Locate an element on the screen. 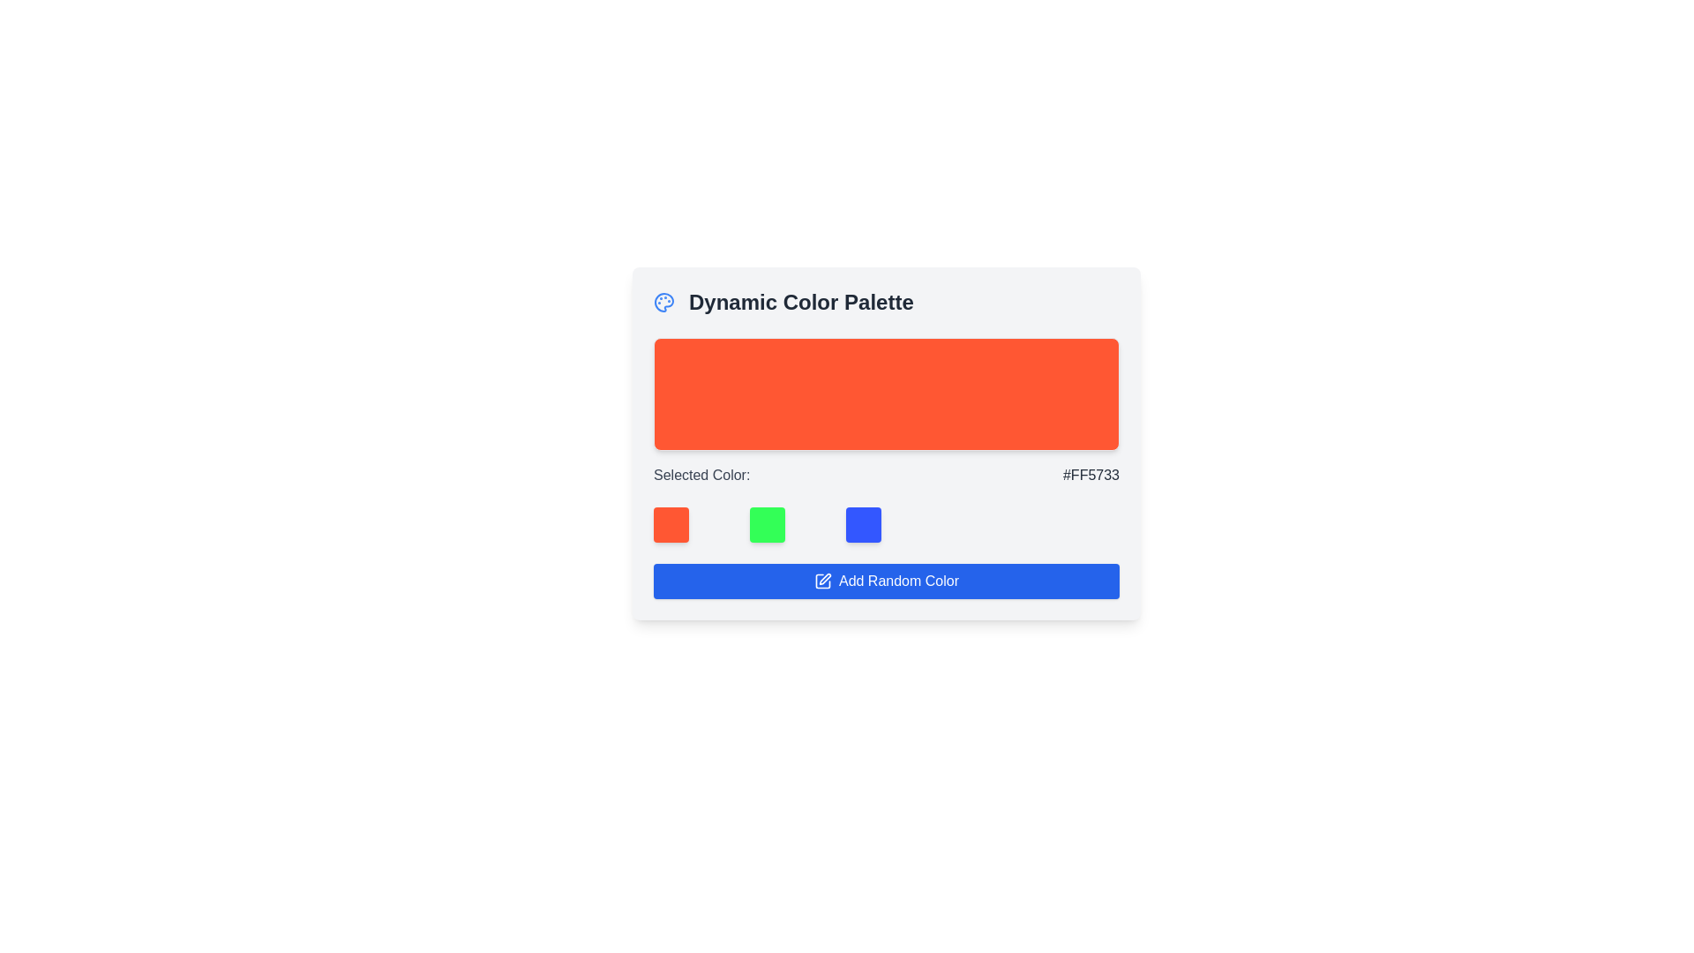 This screenshot has width=1694, height=953. the Vector graphic icon of a pen within the 'Dynamic Color Palette' SVG area, located at the top-left corner of the interface is located at coordinates (824, 578).